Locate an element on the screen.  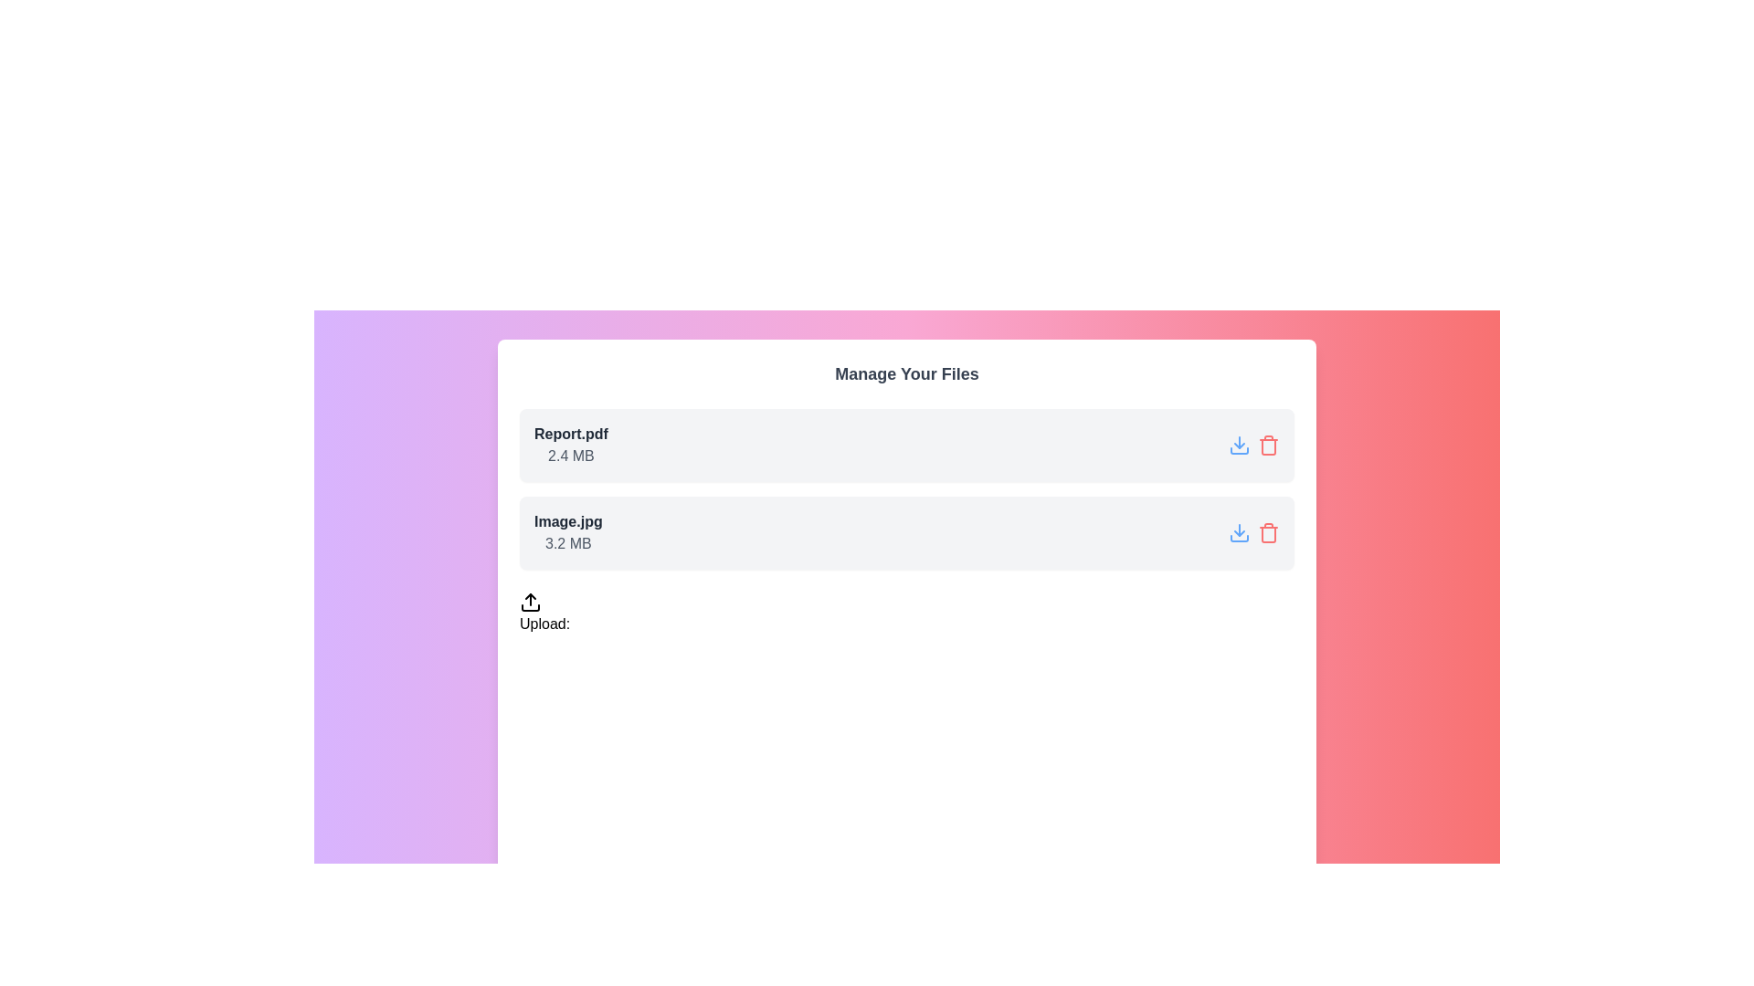
text content of the text label displaying the filename 'Report.pdf', which is prominently styled in bold and dark gray, located at the top section of the list layout is located at coordinates (570, 434).